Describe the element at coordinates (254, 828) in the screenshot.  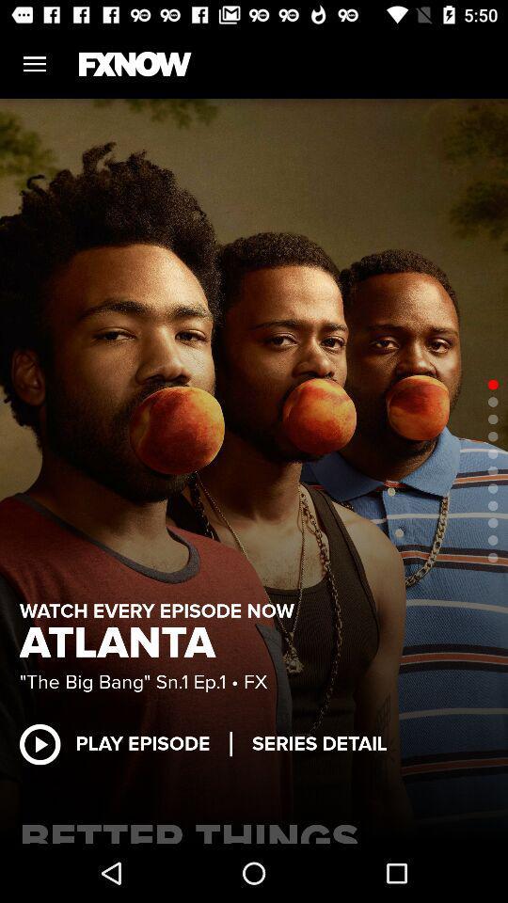
I see `better things icon` at that location.